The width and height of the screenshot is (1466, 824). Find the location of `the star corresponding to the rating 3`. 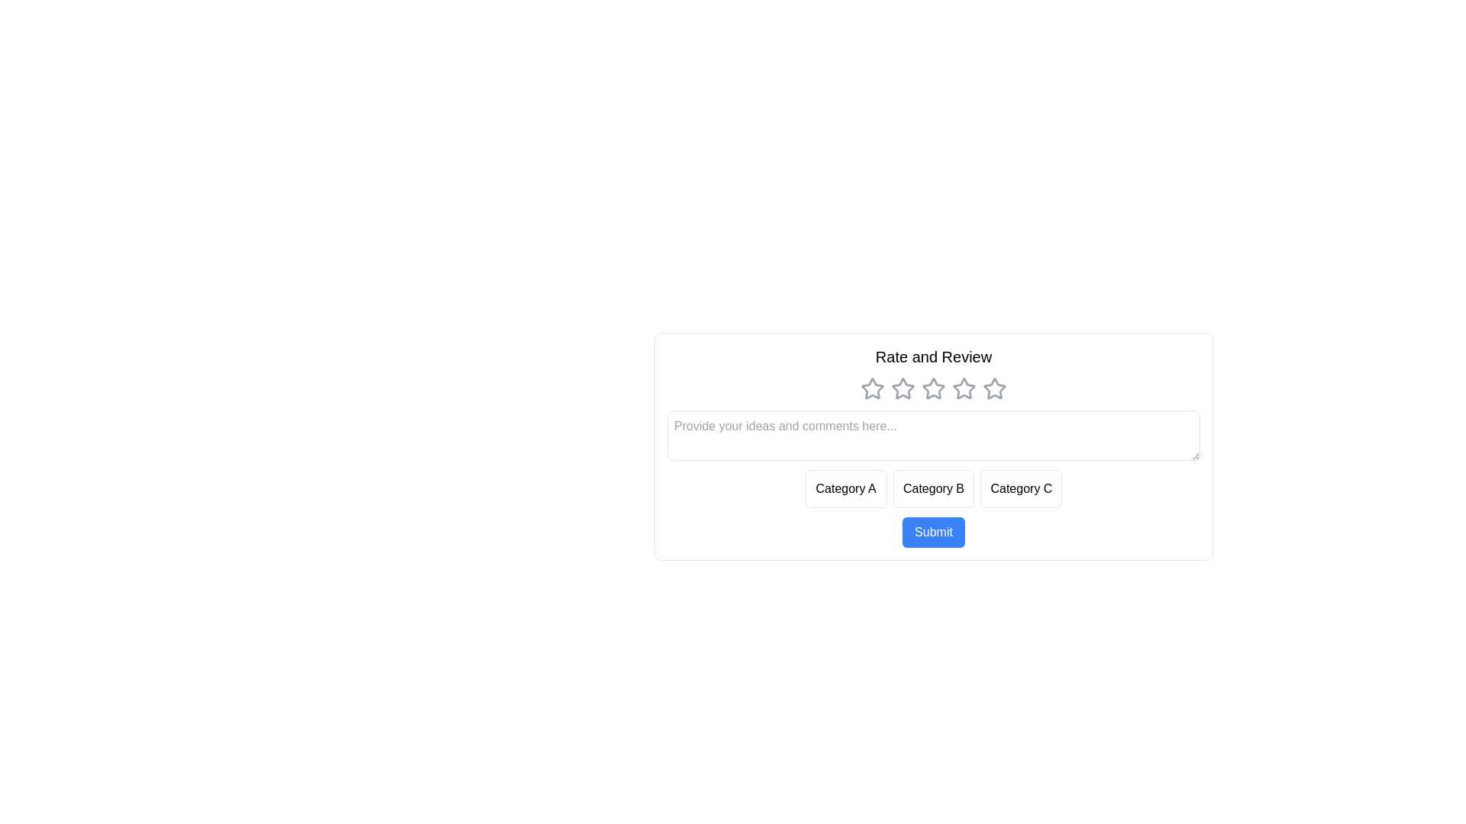

the star corresponding to the rating 3 is located at coordinates (933, 388).